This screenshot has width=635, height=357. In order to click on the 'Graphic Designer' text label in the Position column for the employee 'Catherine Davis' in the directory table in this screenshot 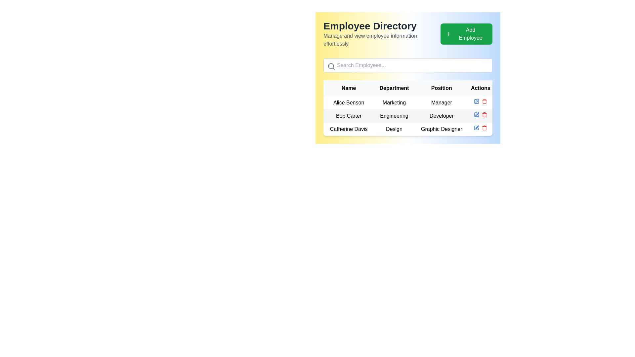, I will do `click(442, 129)`.